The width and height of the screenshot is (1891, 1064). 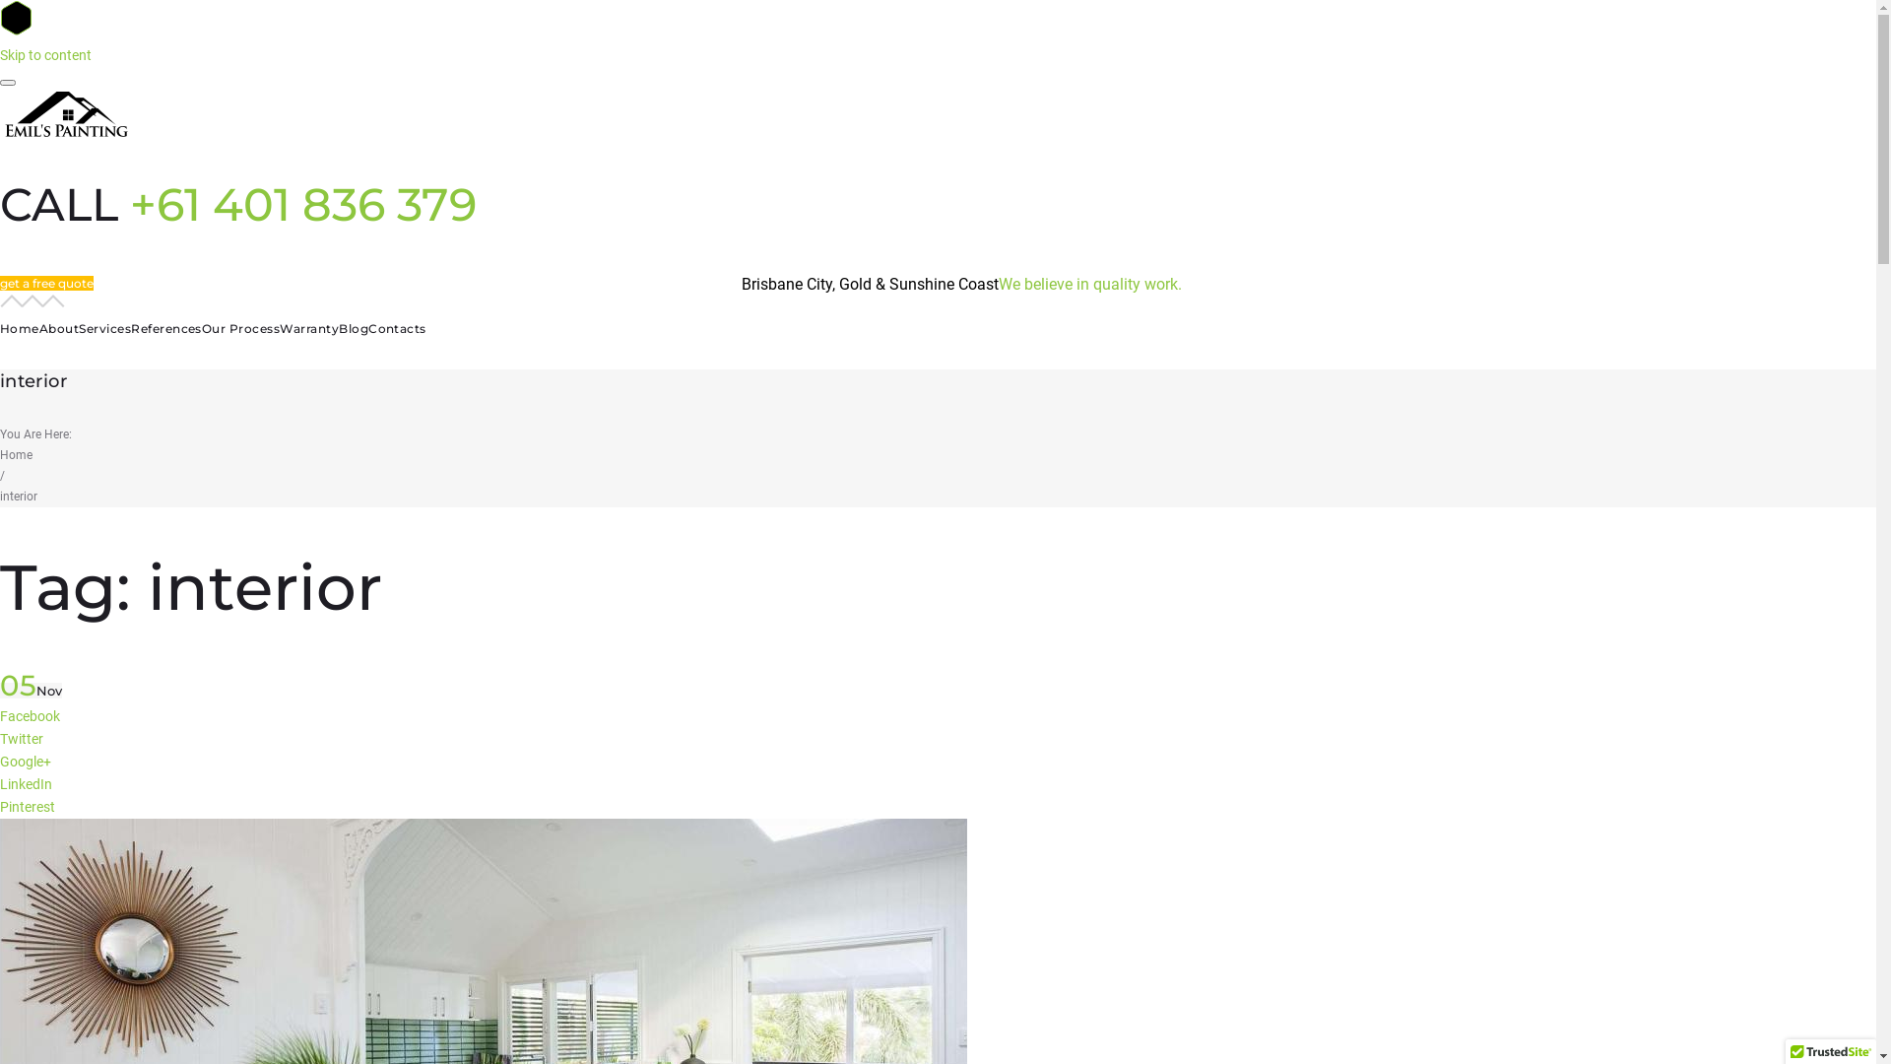 I want to click on 'Home', so click(x=16, y=455).